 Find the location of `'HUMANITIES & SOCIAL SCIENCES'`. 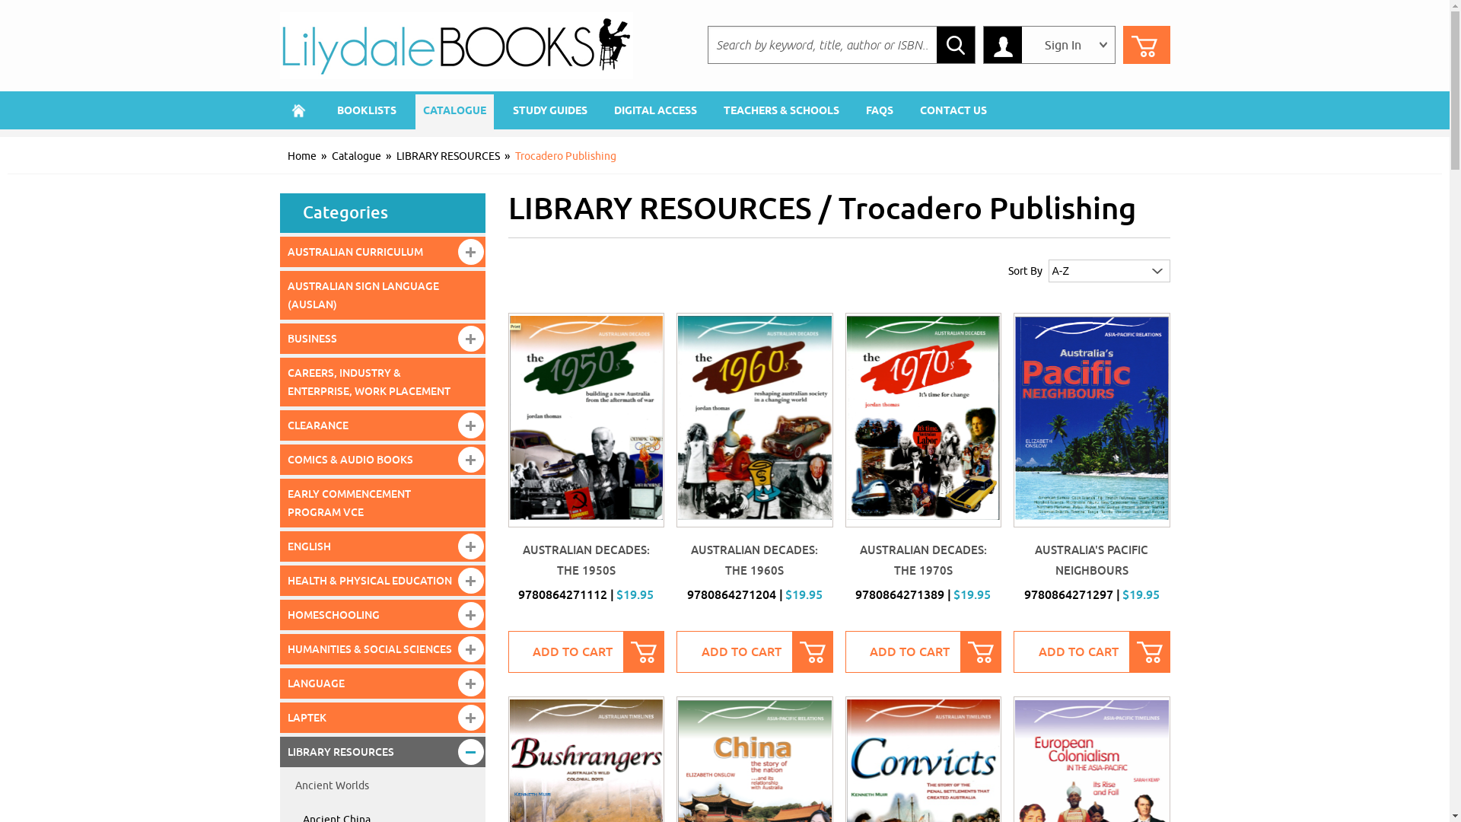

'HUMANITIES & SOCIAL SCIENCES' is located at coordinates (383, 648).